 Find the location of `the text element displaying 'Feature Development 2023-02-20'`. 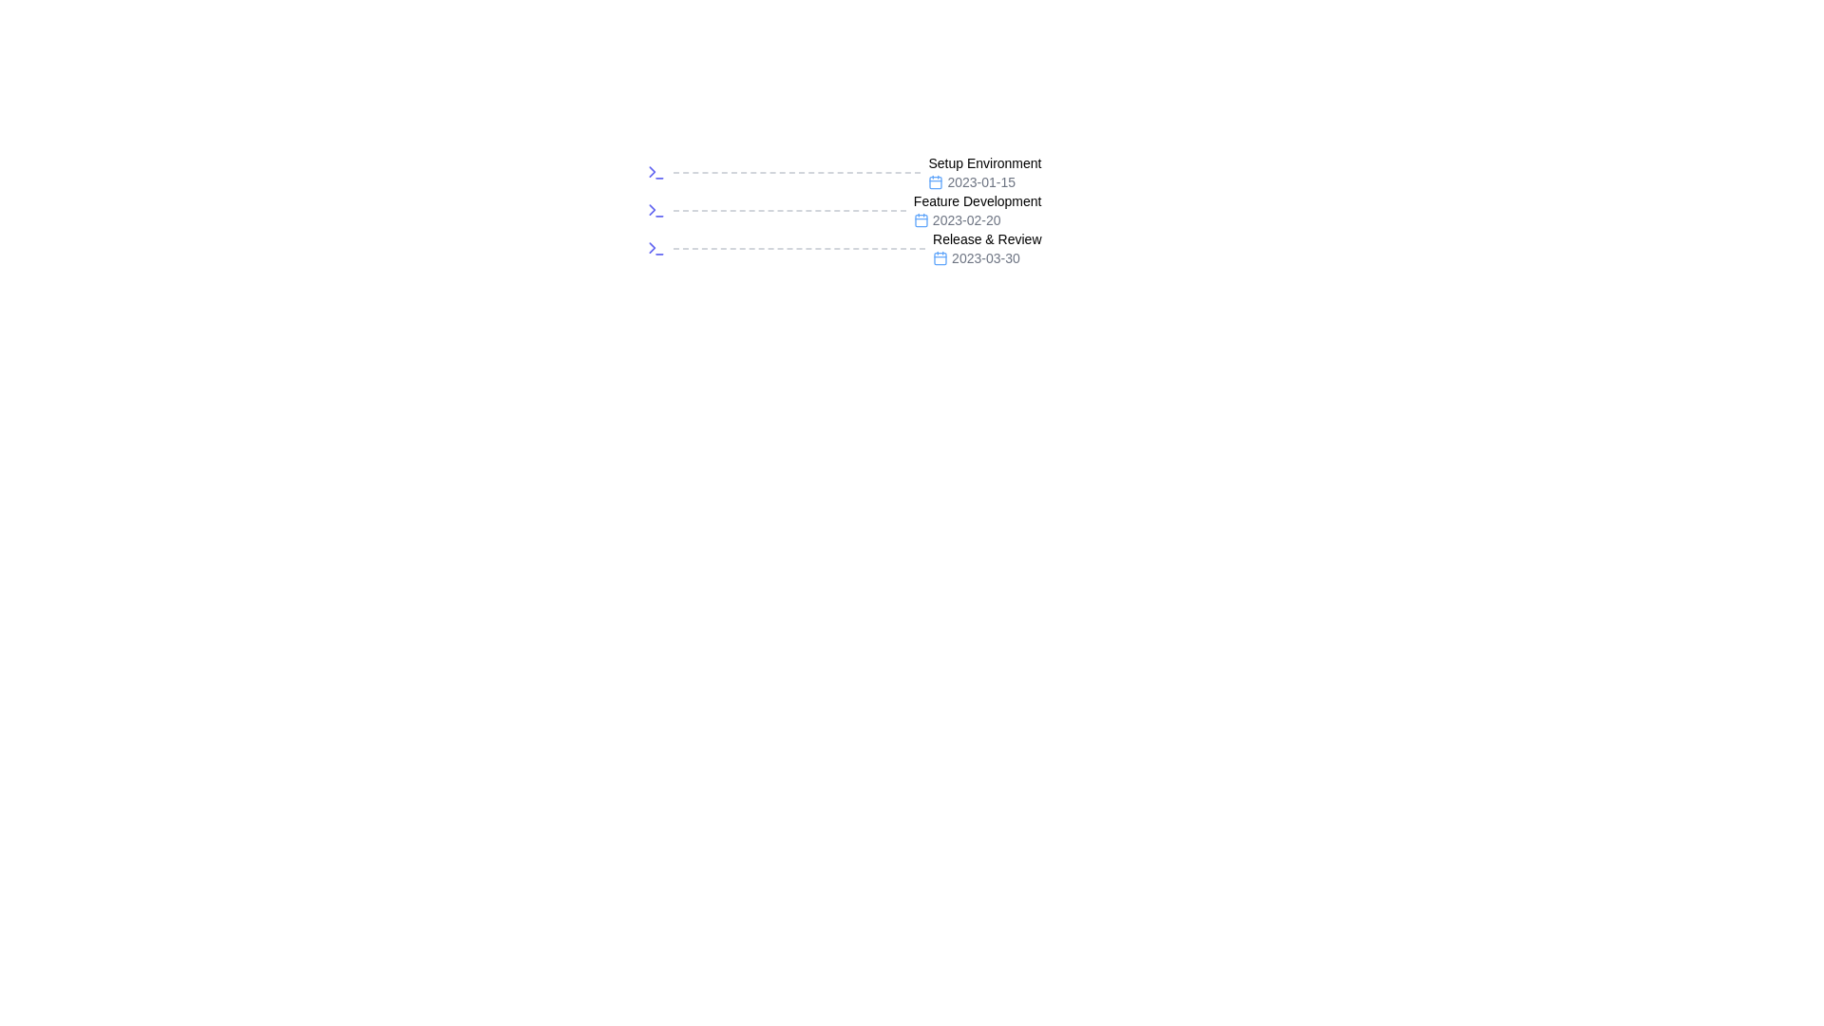

the text element displaying 'Feature Development 2023-02-20' is located at coordinates (978, 211).